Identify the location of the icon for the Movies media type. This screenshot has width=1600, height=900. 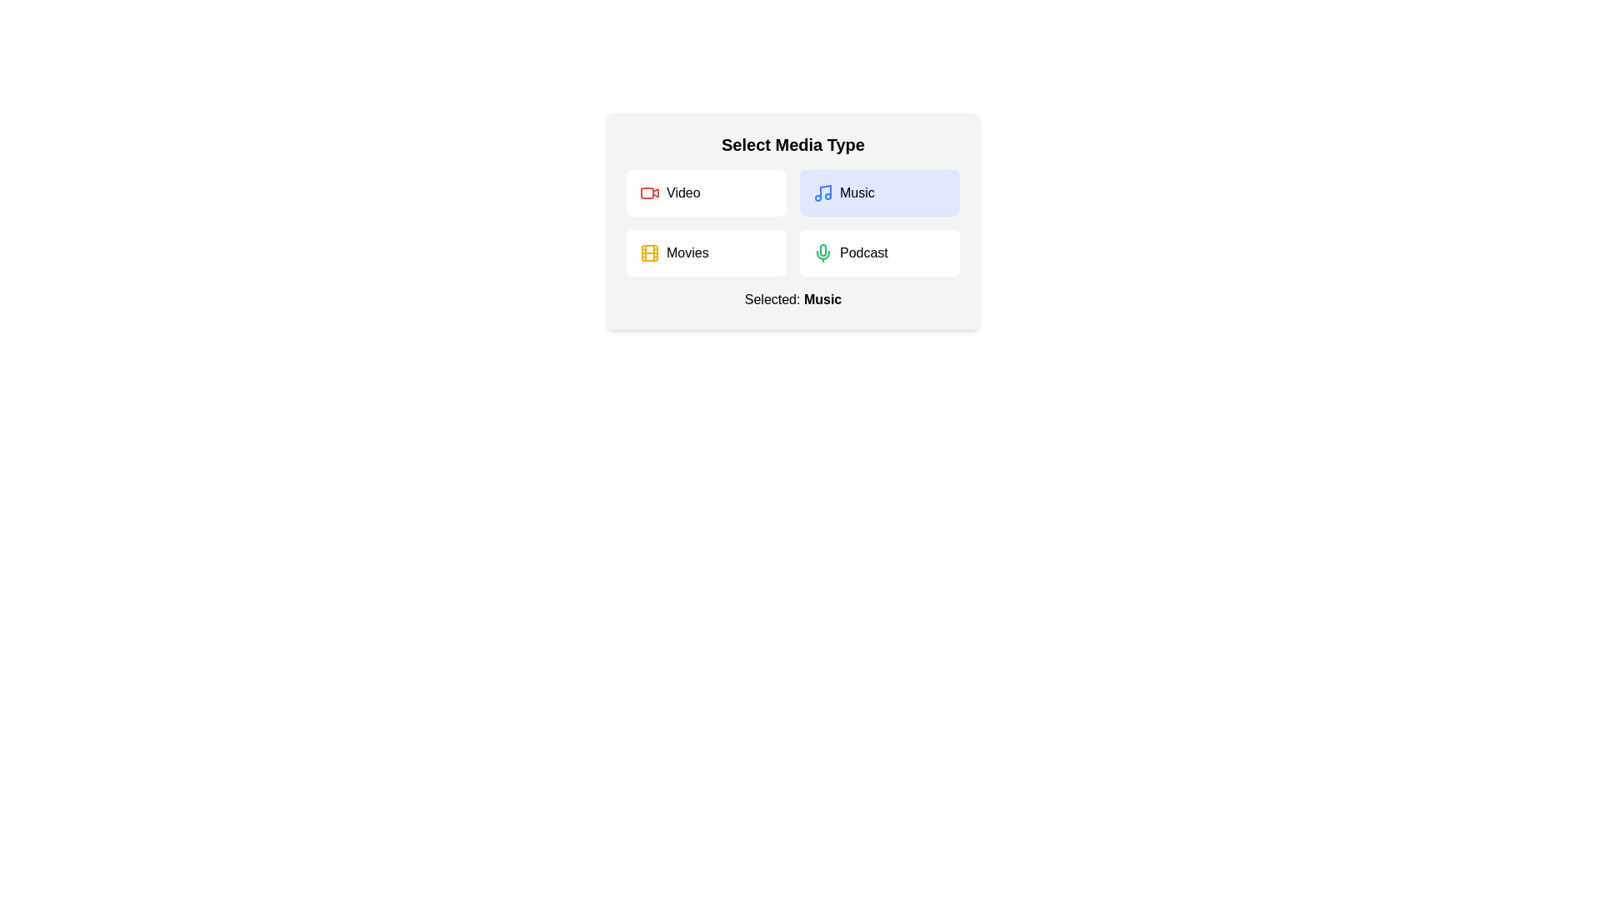
(648, 253).